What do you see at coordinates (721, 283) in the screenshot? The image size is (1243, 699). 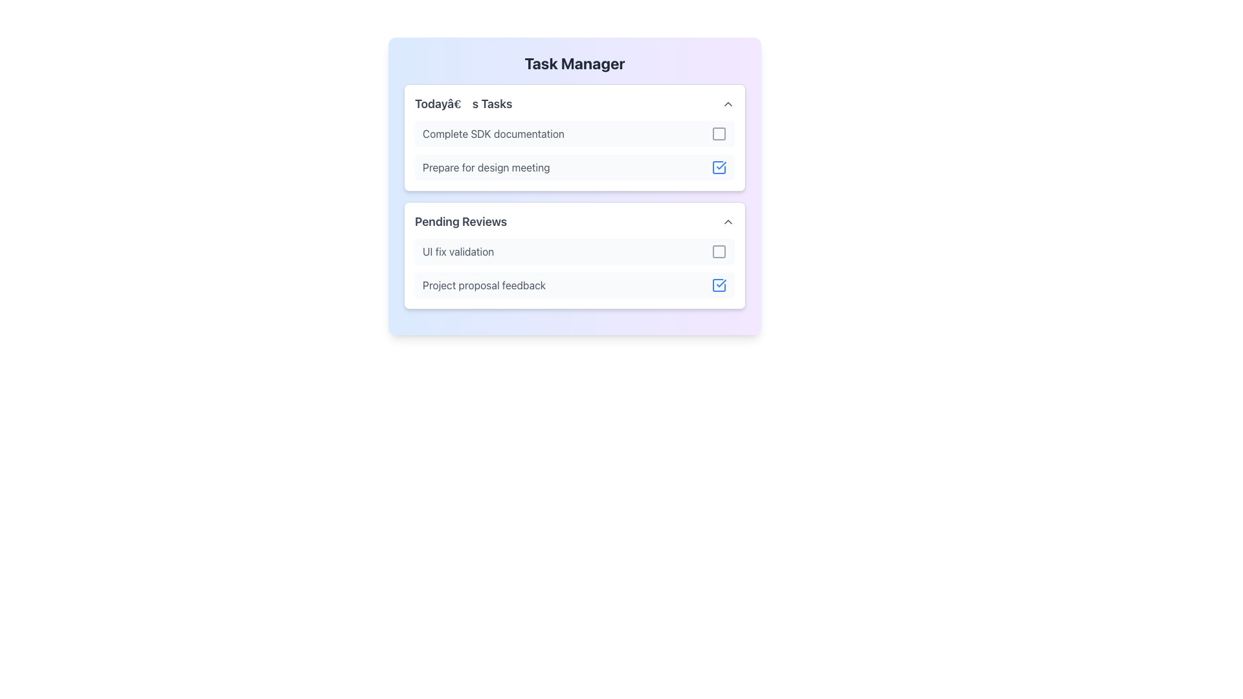 I see `the blue check mark icon within the checkbox` at bounding box center [721, 283].